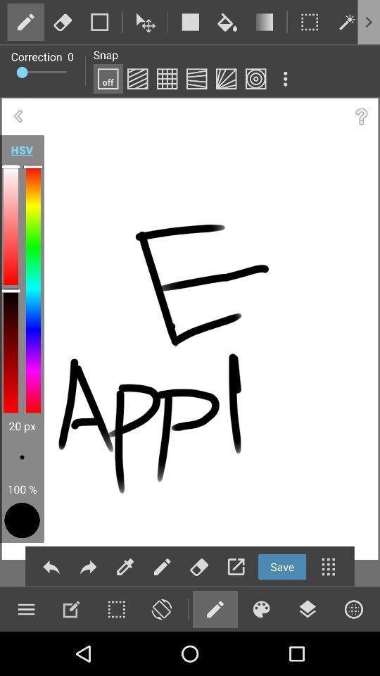 This screenshot has width=380, height=676. Describe the element at coordinates (25, 21) in the screenshot. I see `drawing` at that location.